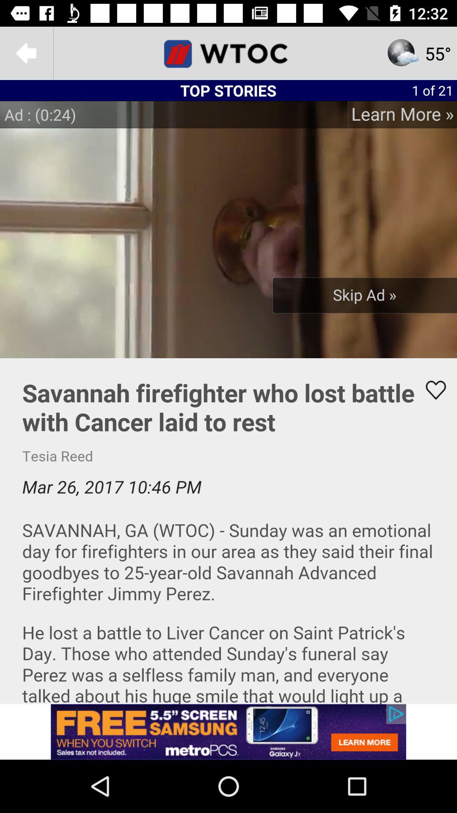 This screenshot has width=457, height=813. Describe the element at coordinates (228, 53) in the screenshot. I see `go home` at that location.